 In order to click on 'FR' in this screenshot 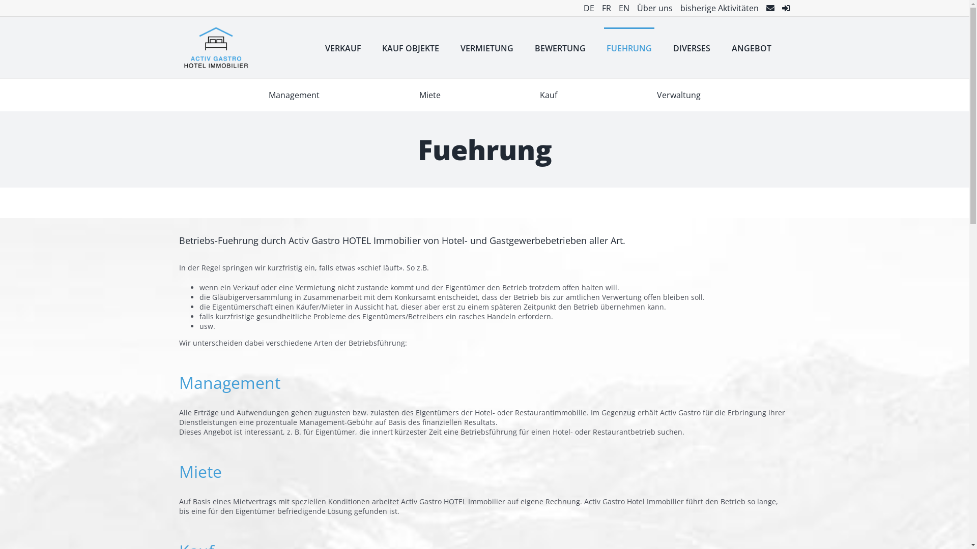, I will do `click(602, 8)`.